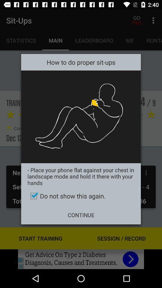  I want to click on the continue icon, so click(81, 215).